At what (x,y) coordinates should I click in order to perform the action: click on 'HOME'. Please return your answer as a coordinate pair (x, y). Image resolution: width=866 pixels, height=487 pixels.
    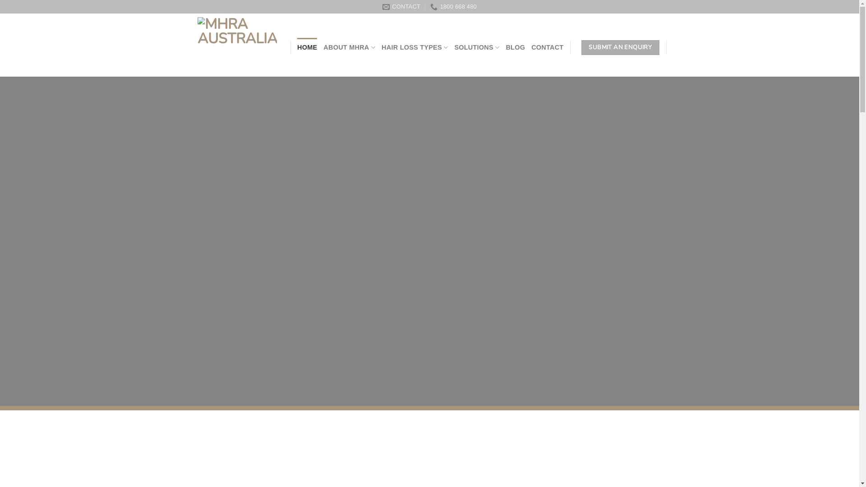
    Looking at the image, I should click on (307, 47).